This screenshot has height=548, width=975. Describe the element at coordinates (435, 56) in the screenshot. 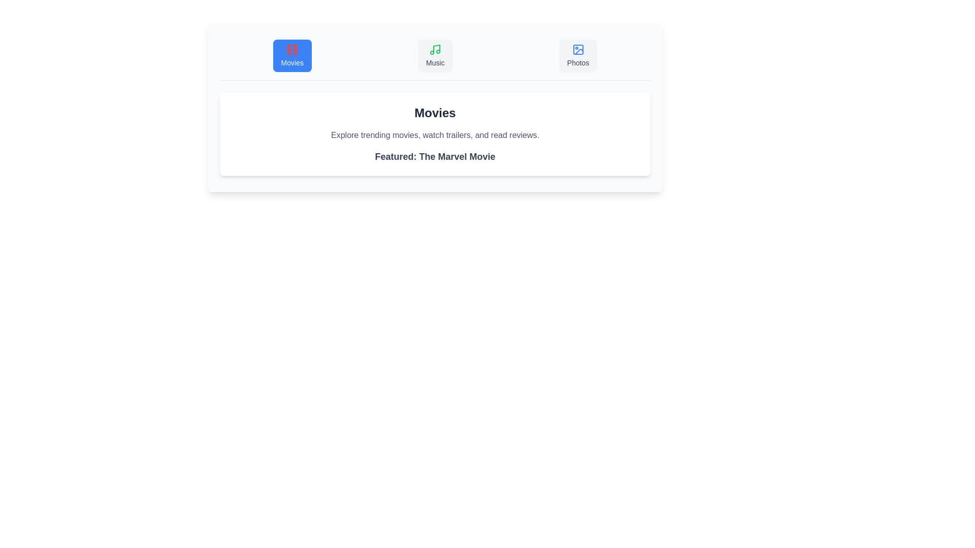

I see `the Music tab by clicking on its button` at that location.